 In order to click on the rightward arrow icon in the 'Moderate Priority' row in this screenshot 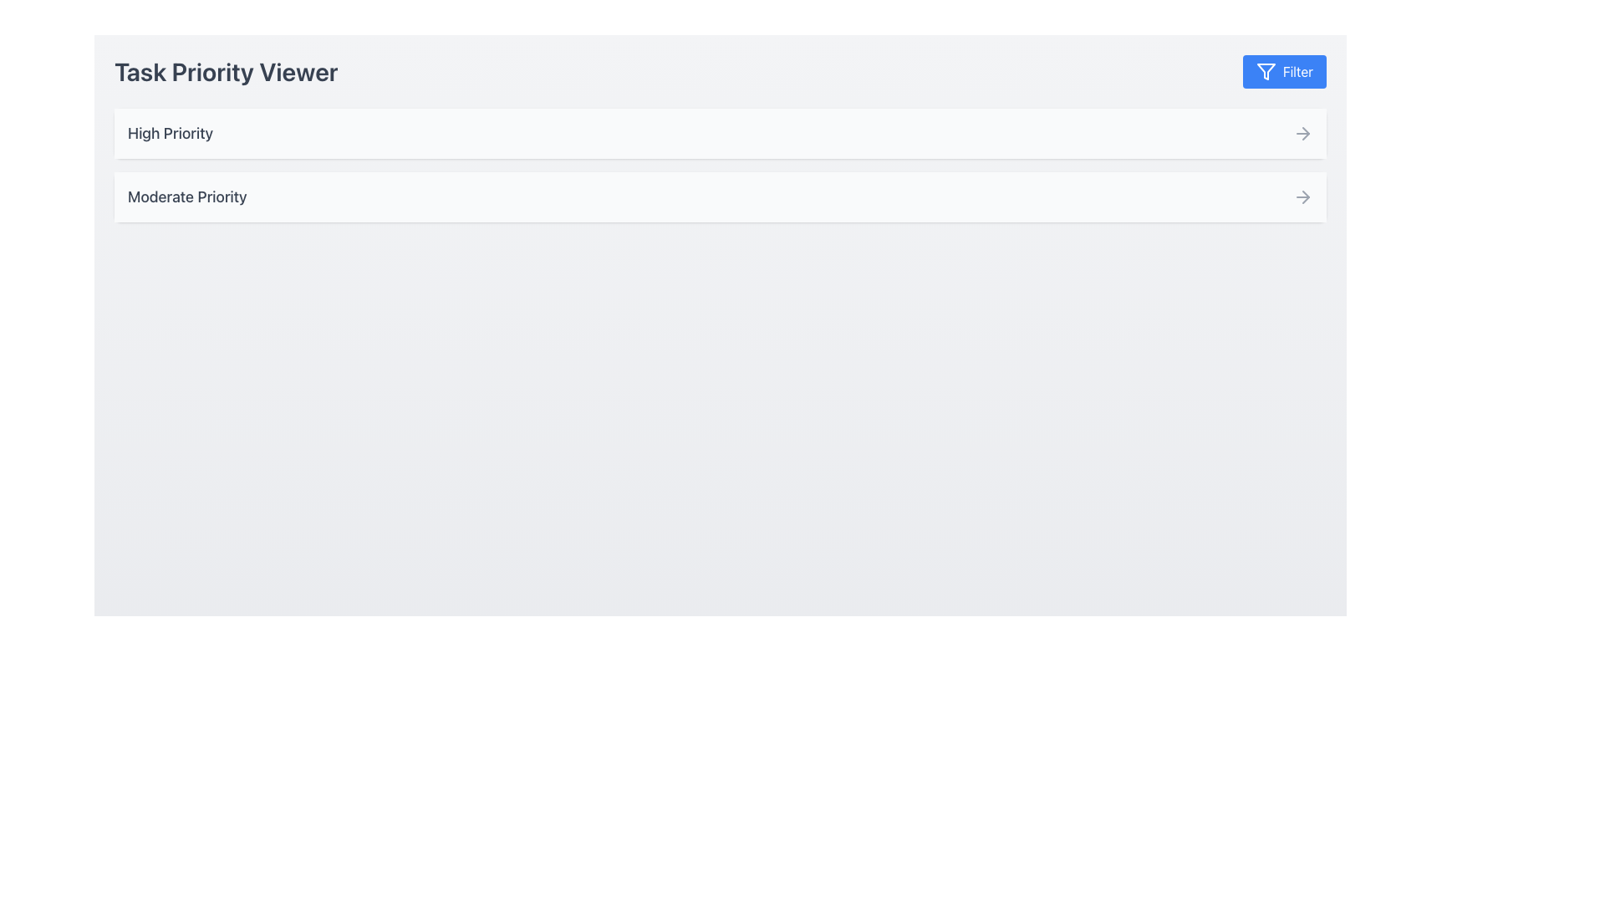, I will do `click(1302, 196)`.